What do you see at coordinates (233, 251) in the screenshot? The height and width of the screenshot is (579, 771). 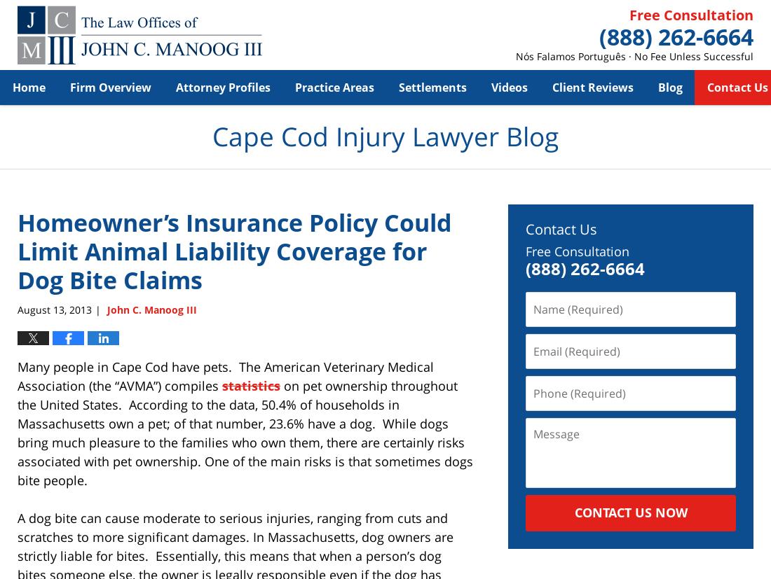 I see `'Homeowner’s Insurance Policy Could Limit Animal Liability Coverage for Dog Bite Claims'` at bounding box center [233, 251].